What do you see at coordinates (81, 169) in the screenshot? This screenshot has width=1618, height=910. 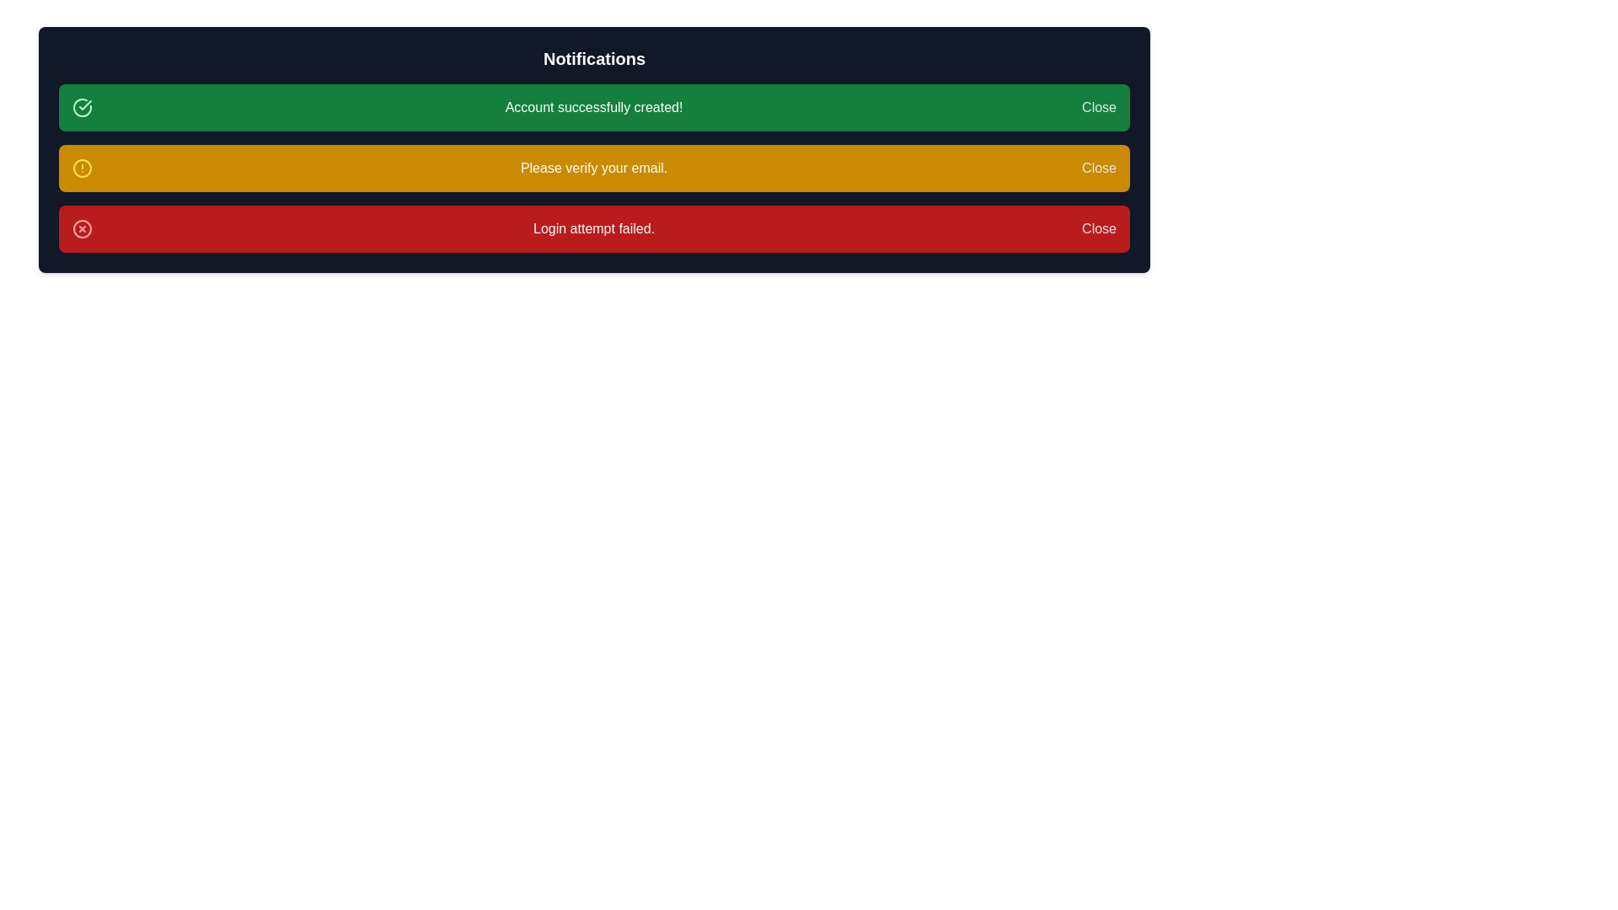 I see `the SVG Circle located in the yellow notification bar, which serves as the circular base of a warning symbol, positioned to the left of the text 'Please verify your email.'` at bounding box center [81, 169].